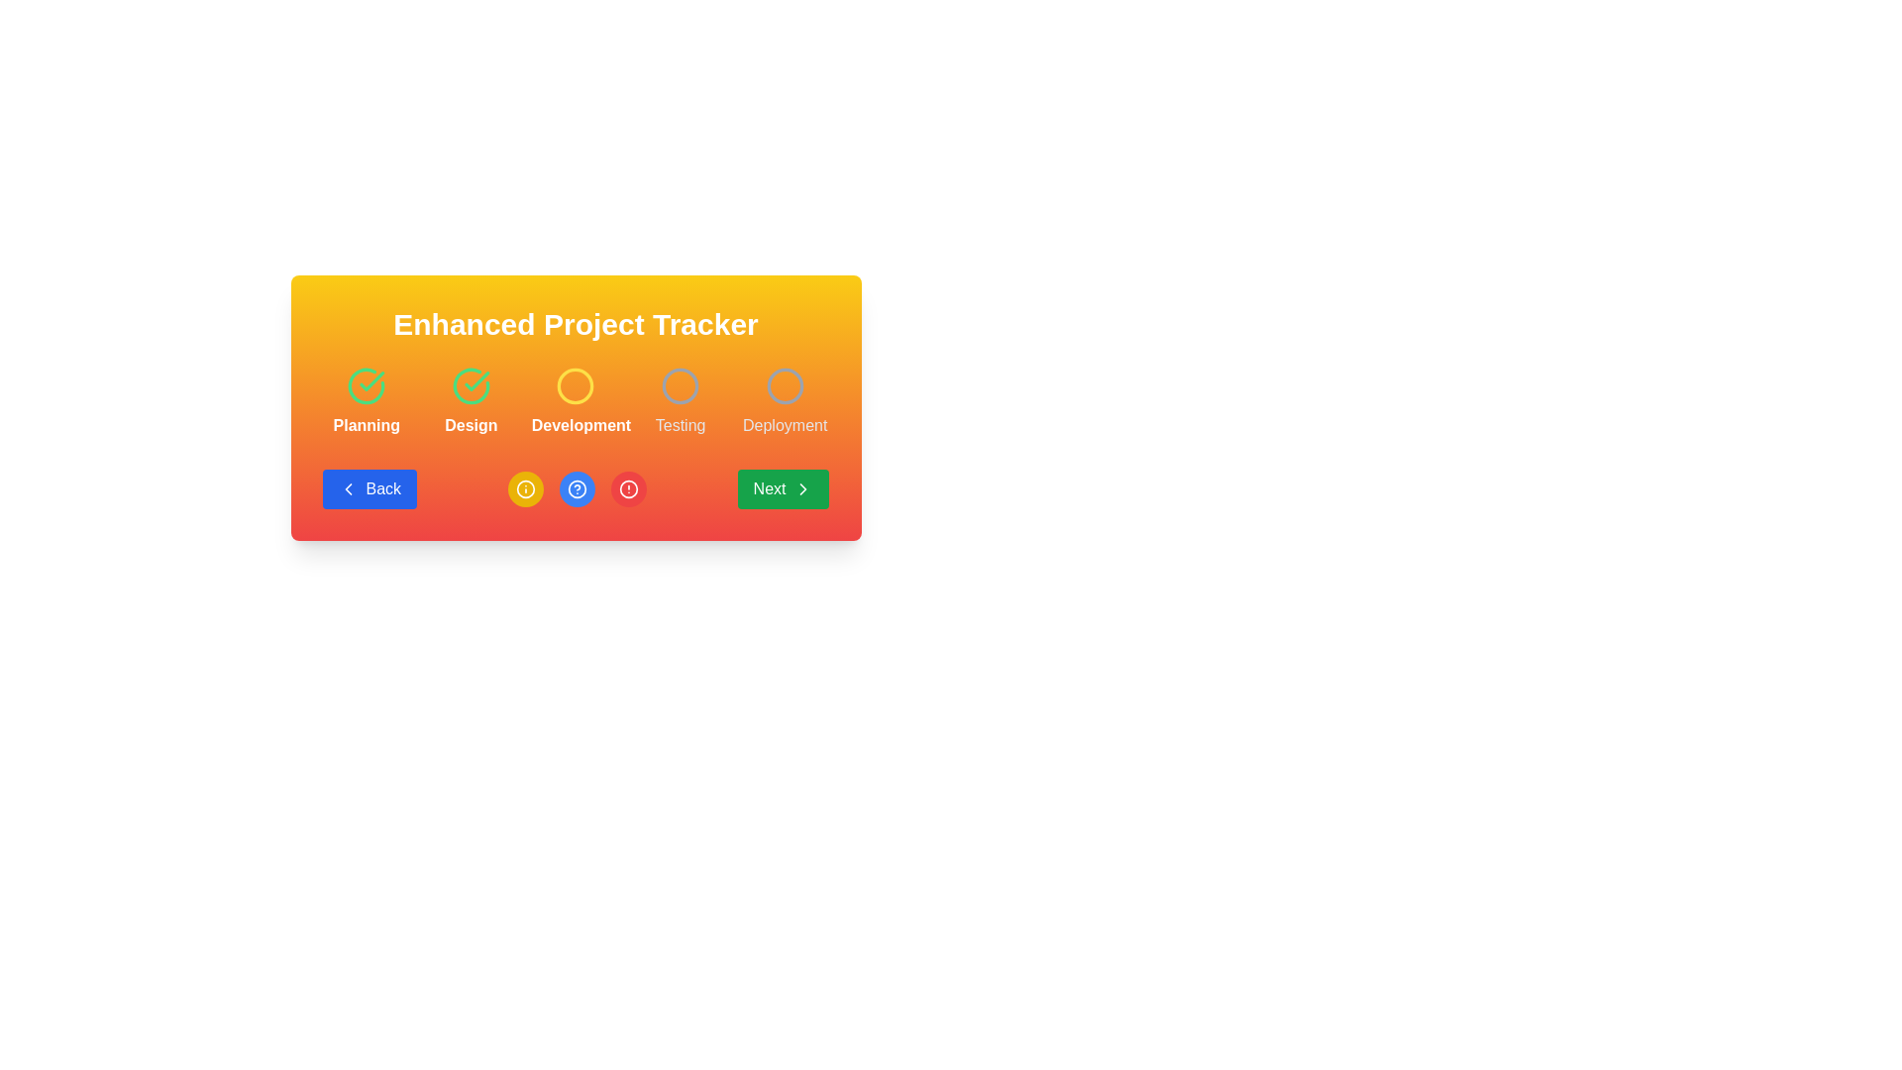 Image resolution: width=1902 pixels, height=1070 pixels. I want to click on the Progress Indicator with Steps by navigating with the keyboard, so click(575, 401).